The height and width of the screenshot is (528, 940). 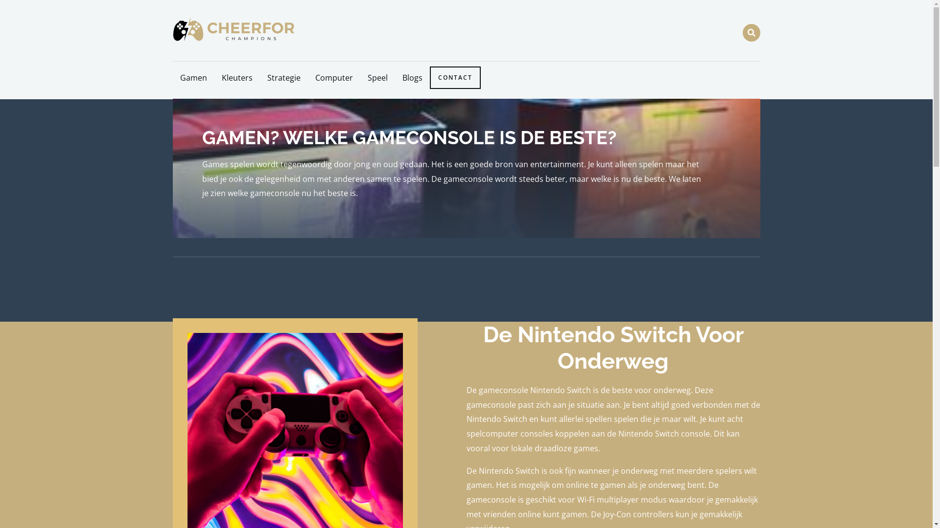 I want to click on 'Computer', so click(x=333, y=77).